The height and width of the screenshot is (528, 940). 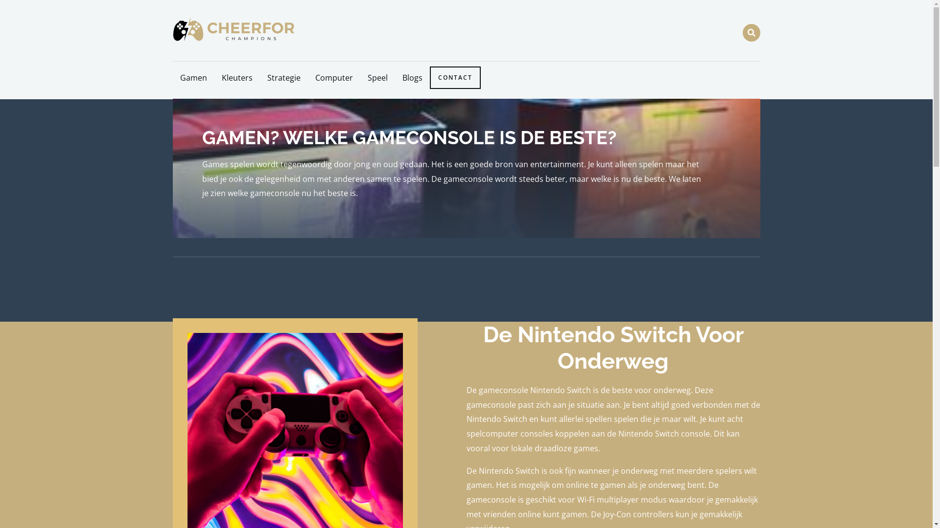 I want to click on 'Computer', so click(x=333, y=77).